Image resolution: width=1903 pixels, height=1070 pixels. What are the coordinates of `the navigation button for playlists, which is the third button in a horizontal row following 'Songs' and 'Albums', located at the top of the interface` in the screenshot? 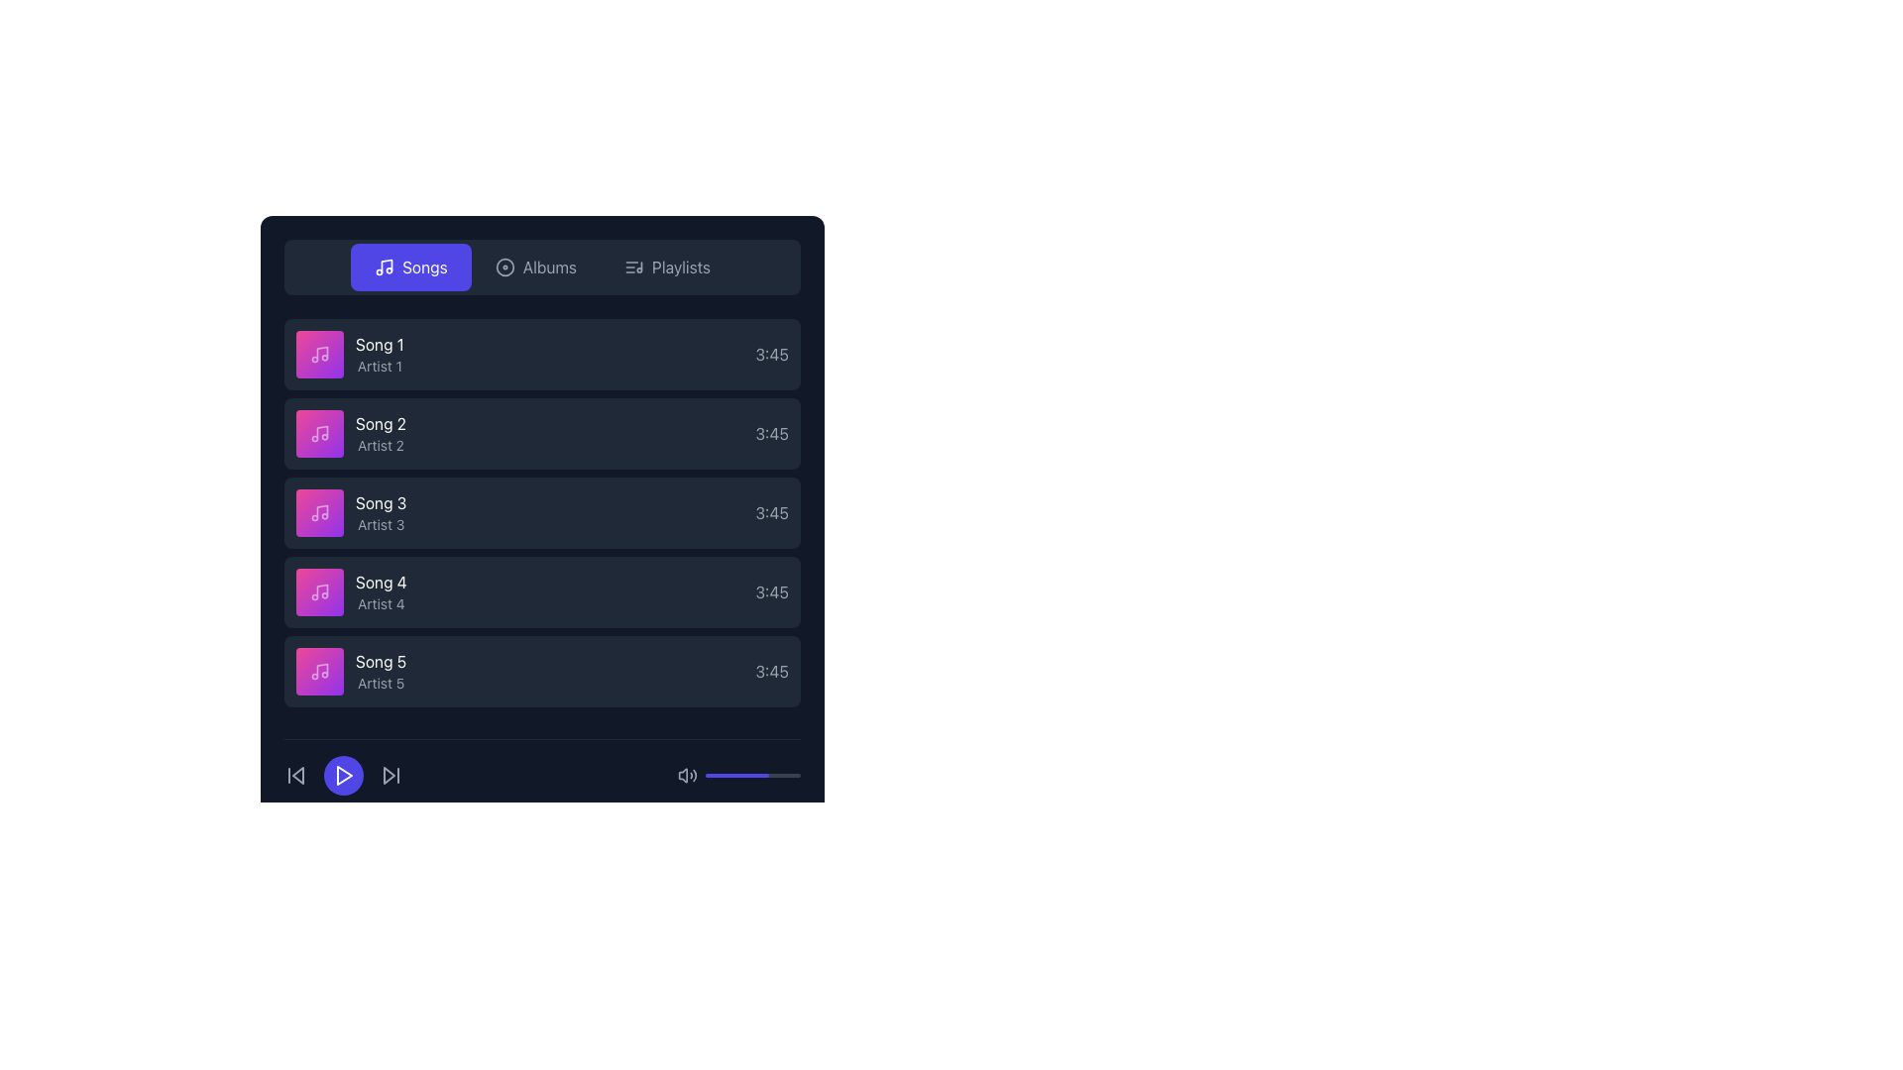 It's located at (667, 267).